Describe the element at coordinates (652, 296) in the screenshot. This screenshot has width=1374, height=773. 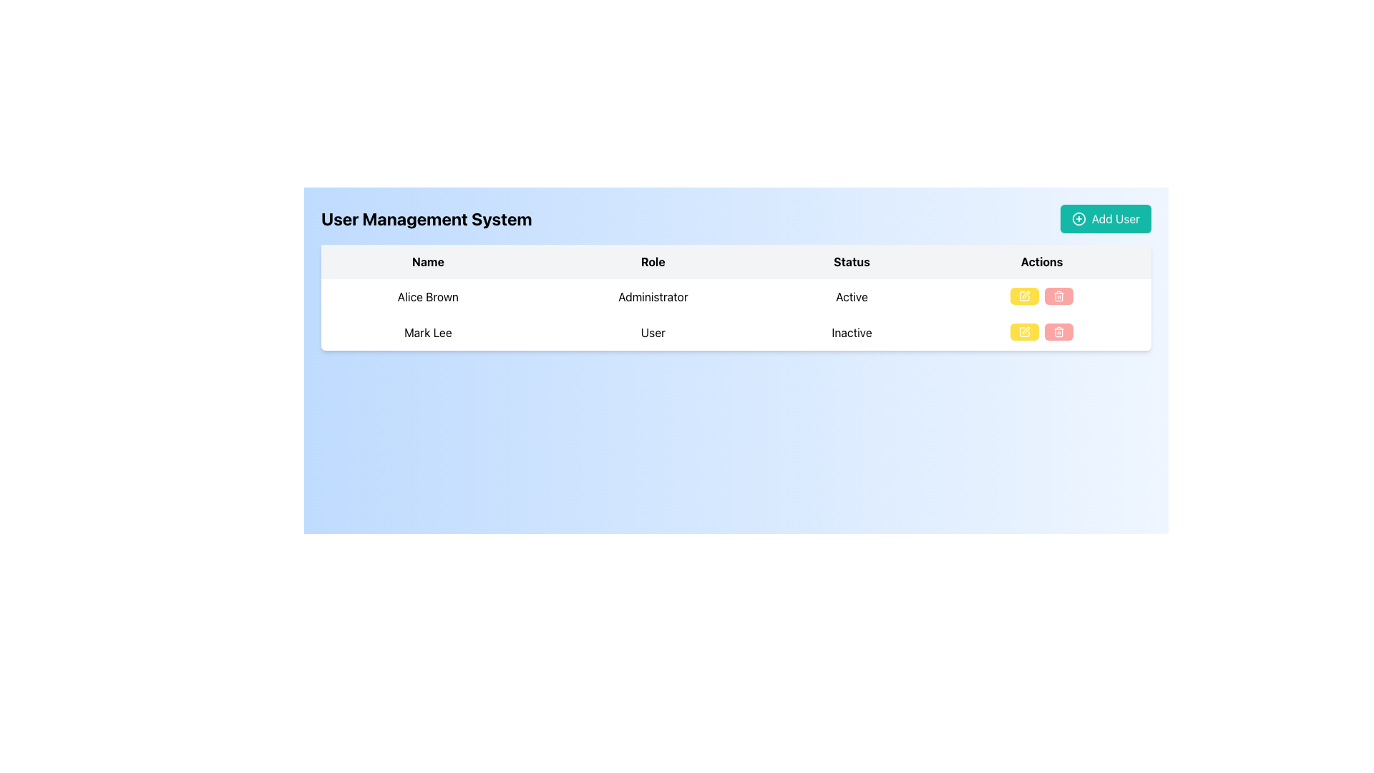
I see `the text label displaying 'Administrator' which is located in the Role column of the first data row in the table, between 'Alice Brown' and 'Active'` at that location.